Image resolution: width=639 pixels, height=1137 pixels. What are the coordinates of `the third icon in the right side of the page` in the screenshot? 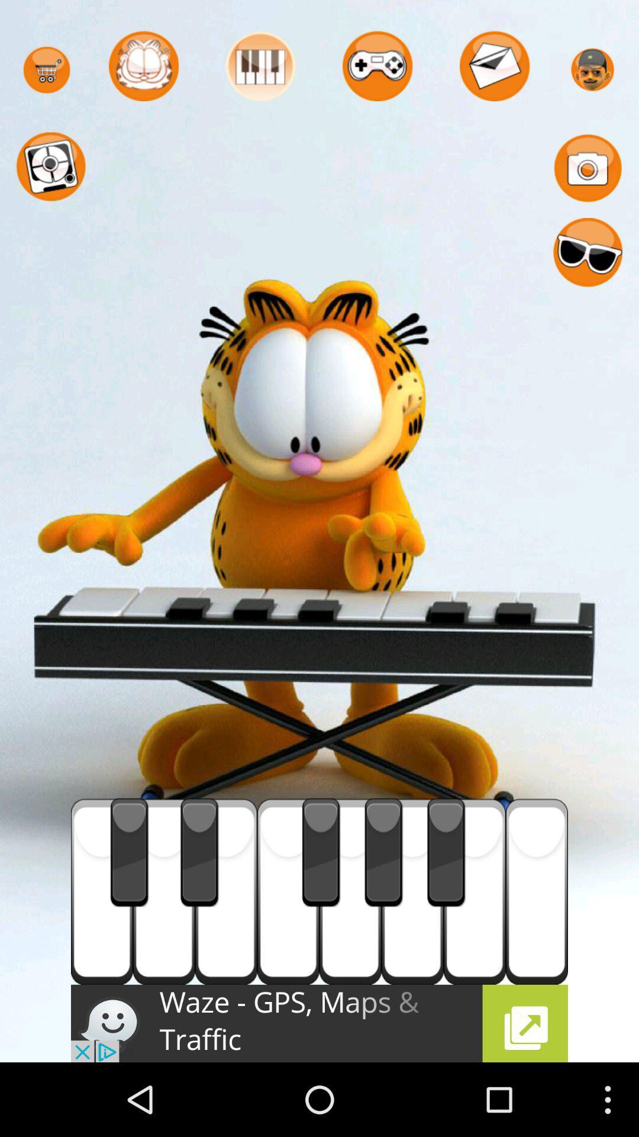 It's located at (588, 252).